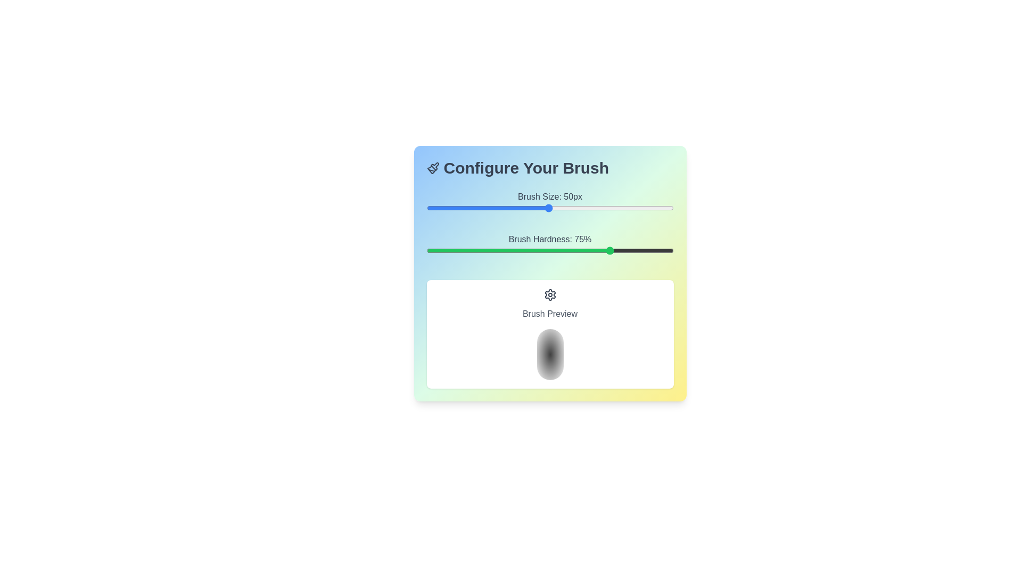  I want to click on the brush size to 64 by interacting with the slider, so click(583, 208).